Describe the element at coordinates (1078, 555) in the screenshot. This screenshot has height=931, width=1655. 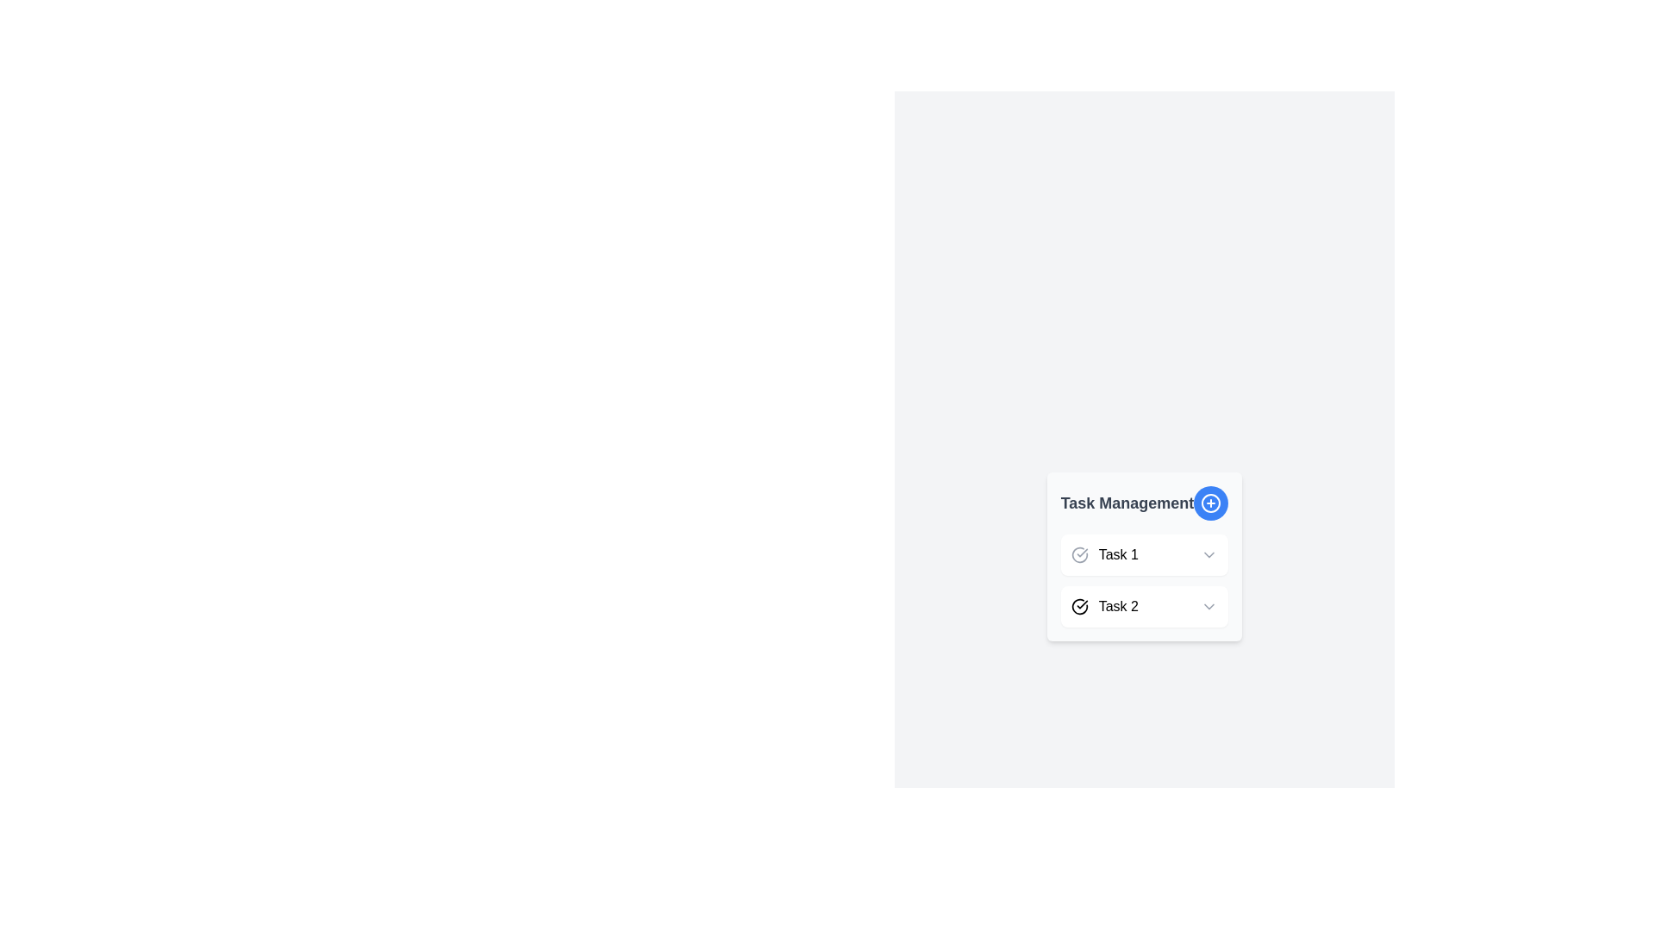
I see `the status icon` at that location.